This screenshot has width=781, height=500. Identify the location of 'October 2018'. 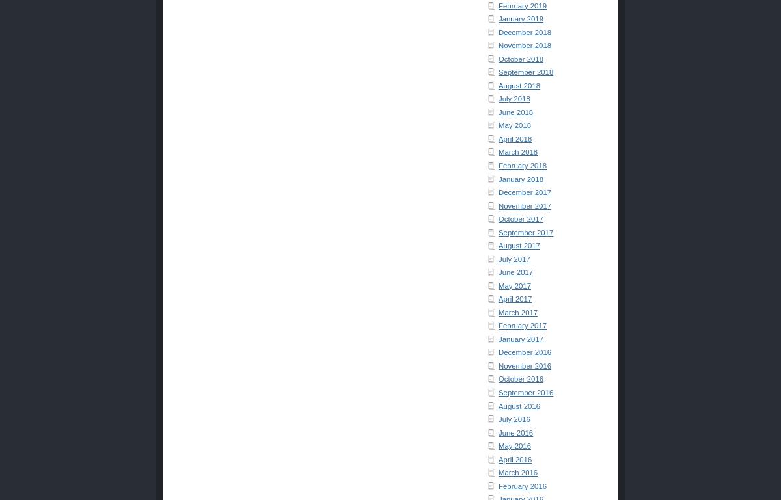
(520, 57).